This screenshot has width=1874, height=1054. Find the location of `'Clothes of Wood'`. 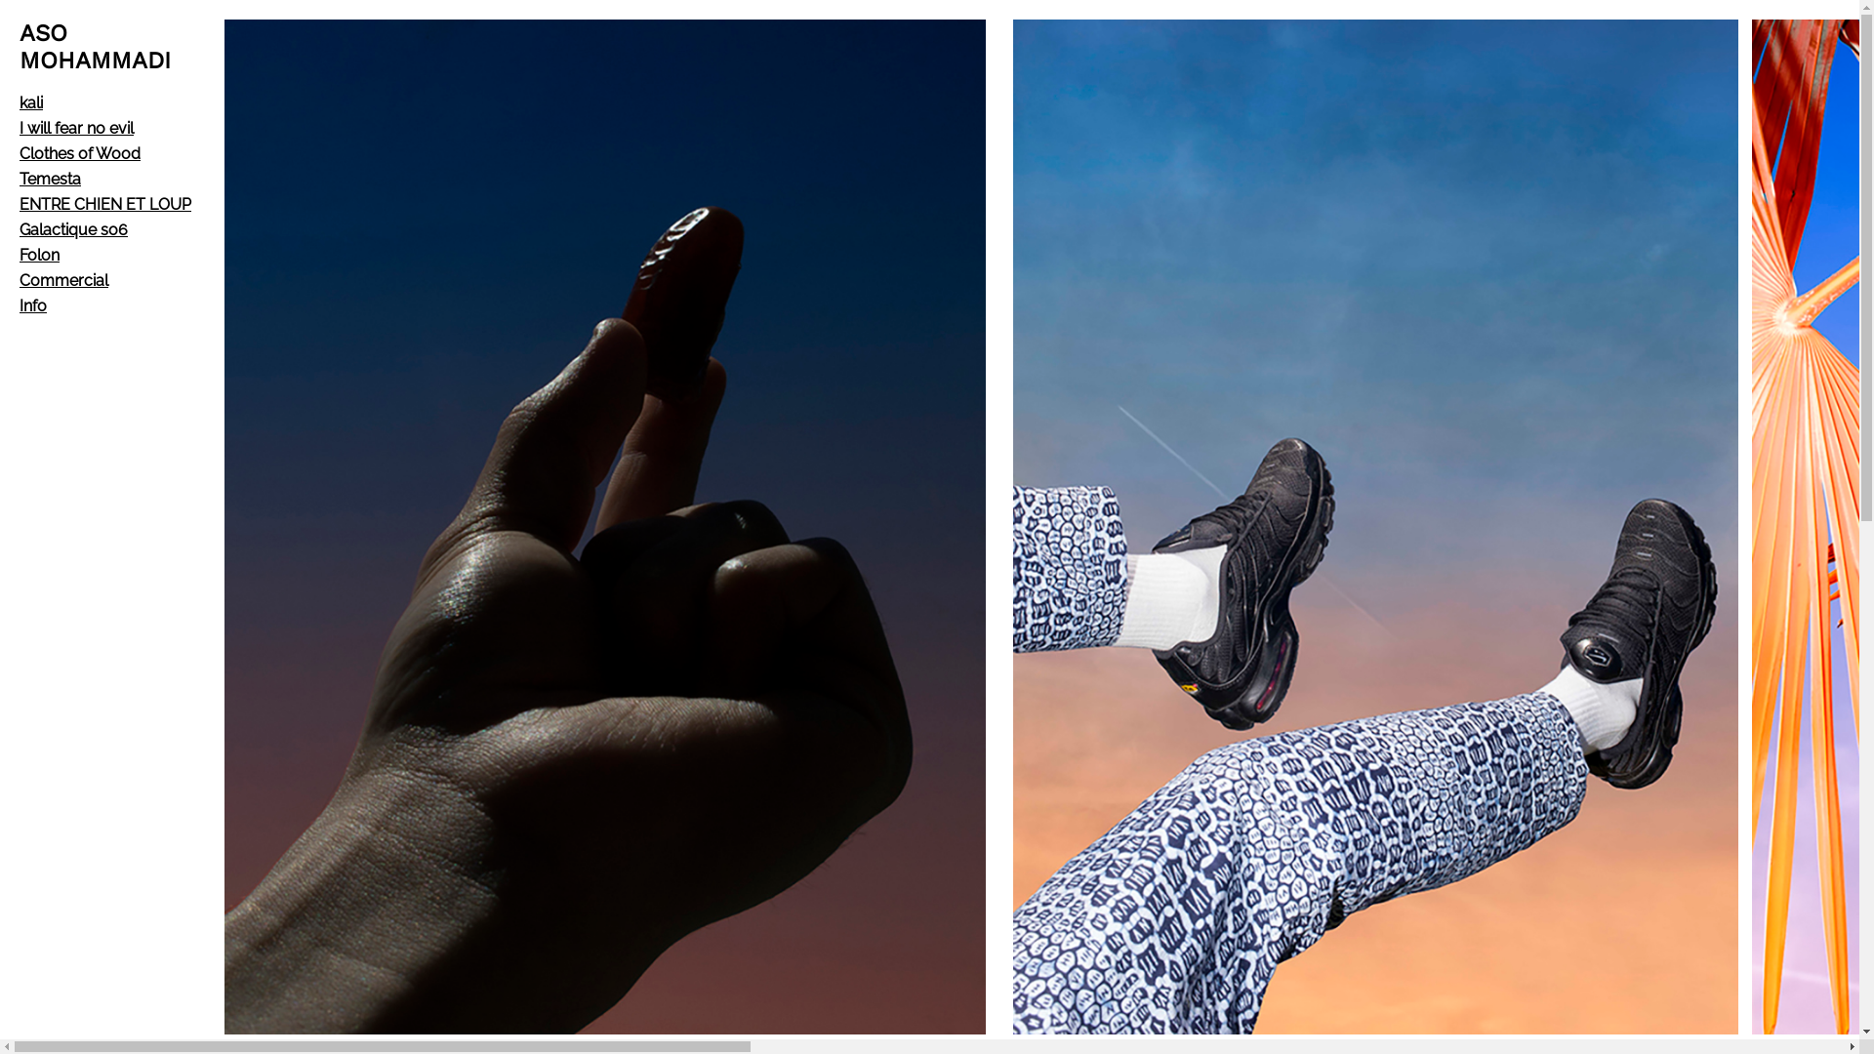

'Clothes of Wood' is located at coordinates (78, 152).